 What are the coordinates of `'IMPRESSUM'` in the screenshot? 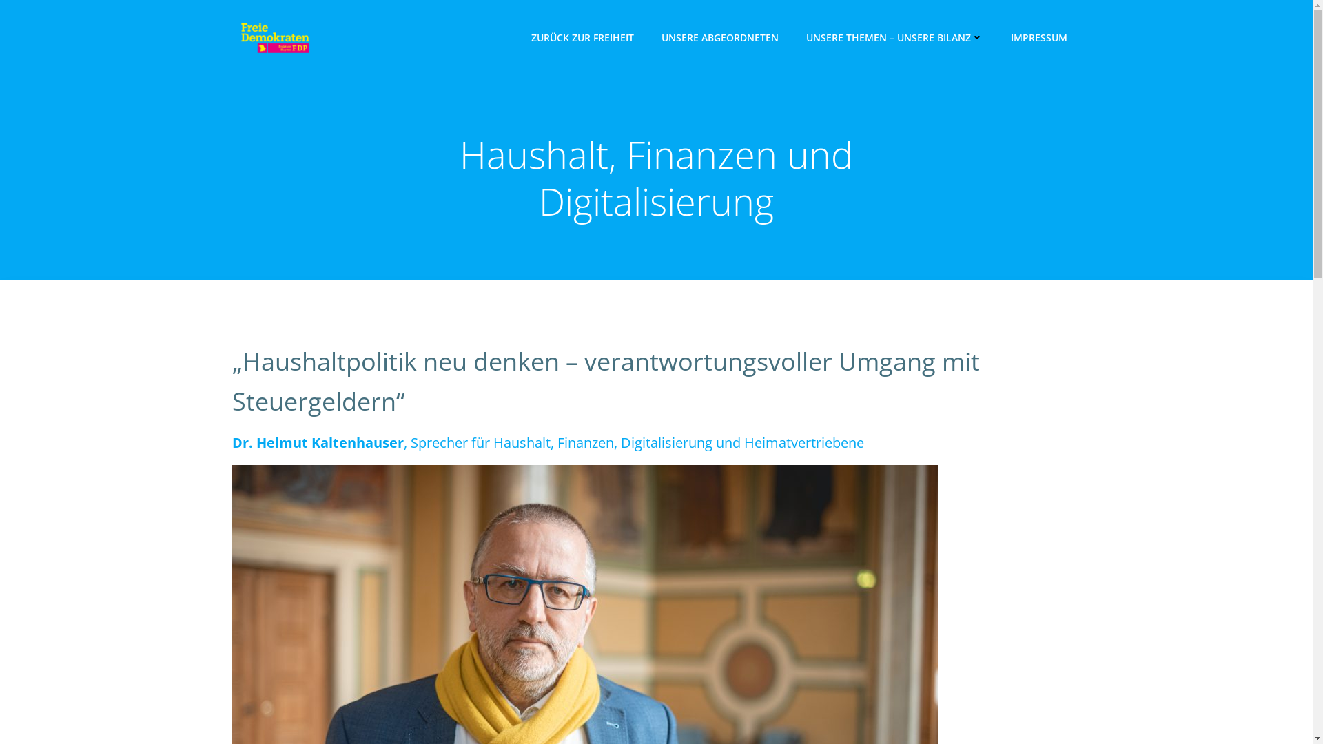 It's located at (1038, 37).